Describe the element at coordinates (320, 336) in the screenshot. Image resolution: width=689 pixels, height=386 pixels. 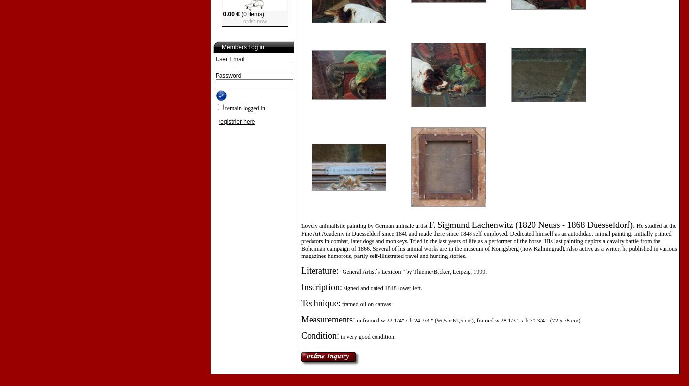
I see `'Condition:'` at that location.